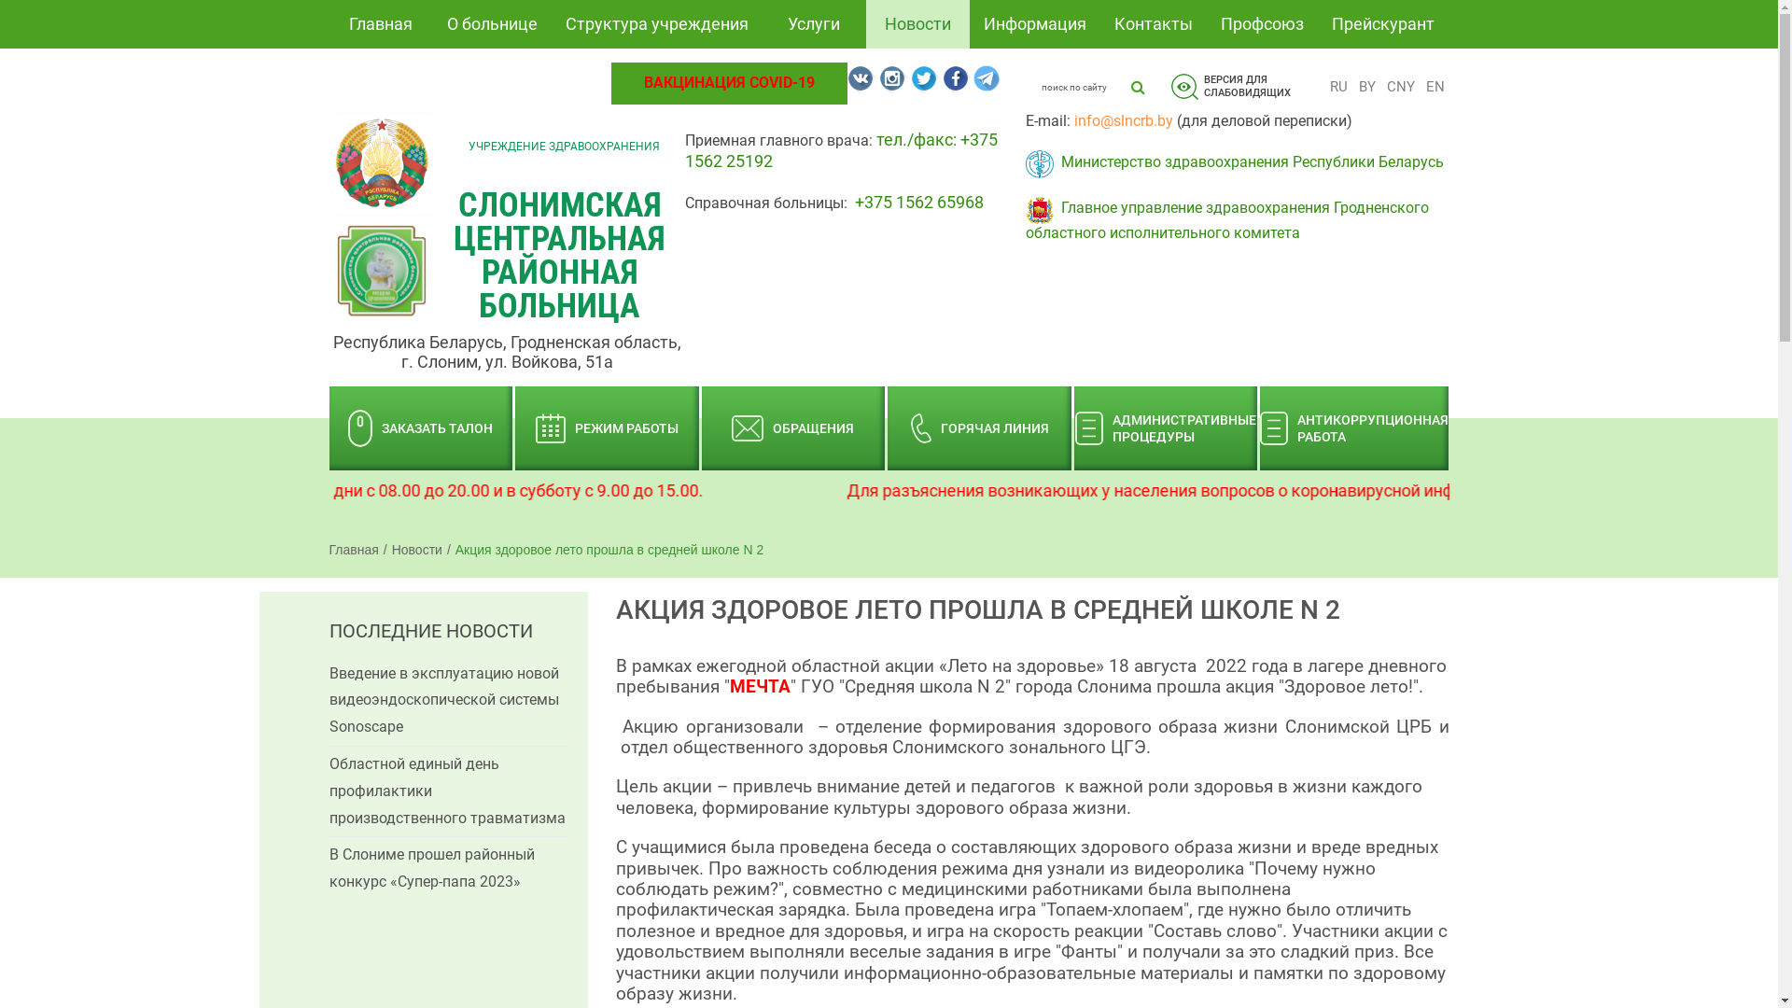 The height and width of the screenshot is (1008, 1792). Describe the element at coordinates (1433, 86) in the screenshot. I see `'EN'` at that location.